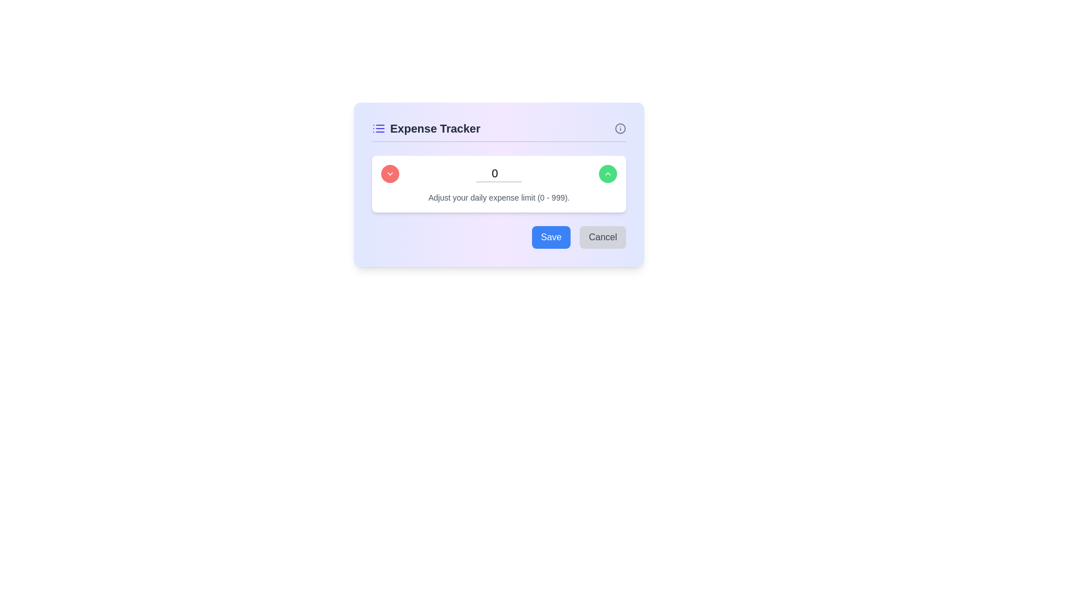  Describe the element at coordinates (551, 237) in the screenshot. I see `the save button located in the bottom-right segment of the main interface, adjacent to the 'Cancel' button` at that location.